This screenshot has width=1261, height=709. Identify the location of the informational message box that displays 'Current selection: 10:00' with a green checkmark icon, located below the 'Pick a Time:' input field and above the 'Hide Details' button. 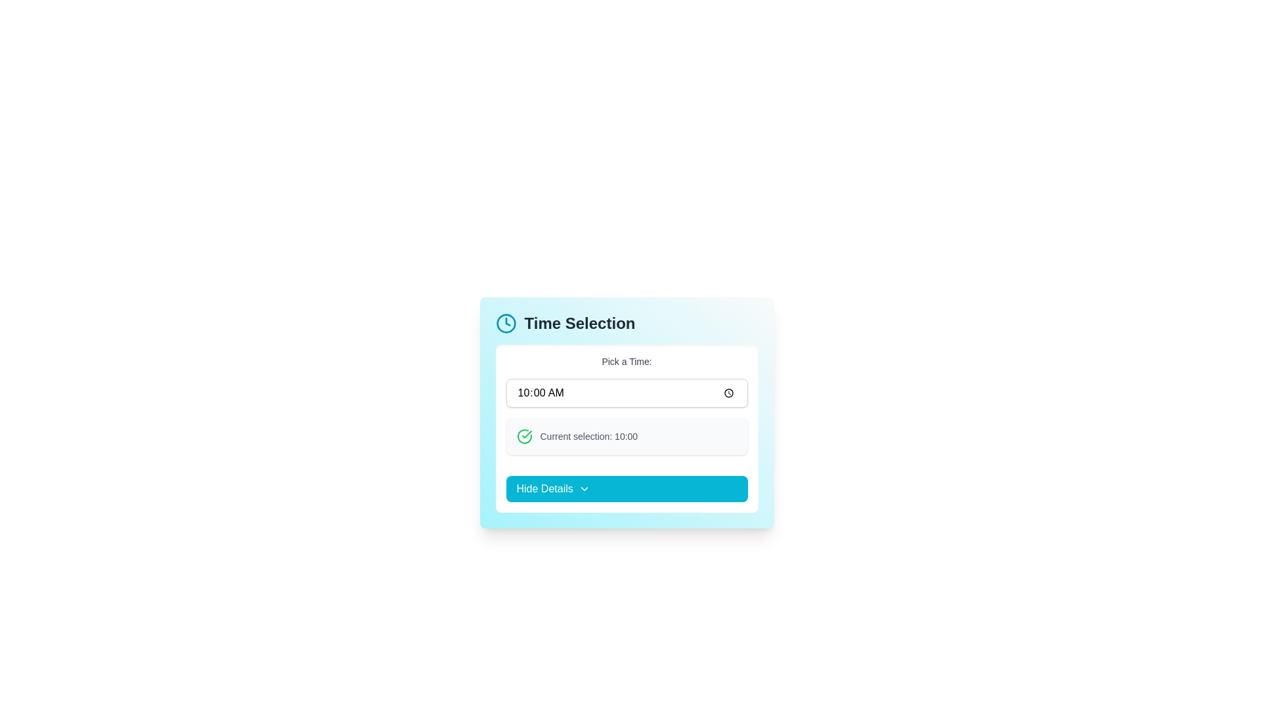
(626, 436).